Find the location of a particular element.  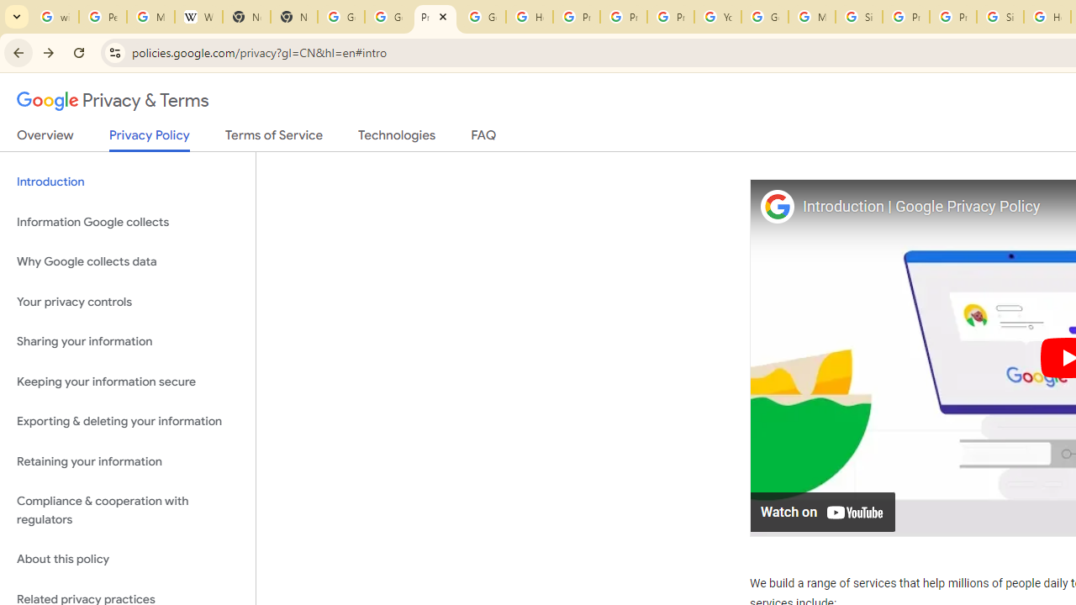

'Exporting & deleting your information' is located at coordinates (127, 421).